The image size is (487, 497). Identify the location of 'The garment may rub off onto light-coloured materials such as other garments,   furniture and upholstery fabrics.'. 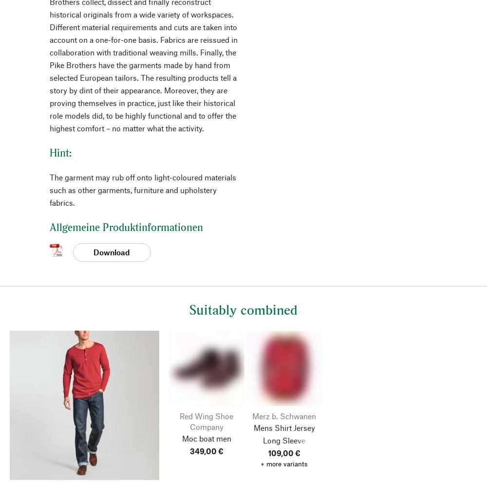
(142, 189).